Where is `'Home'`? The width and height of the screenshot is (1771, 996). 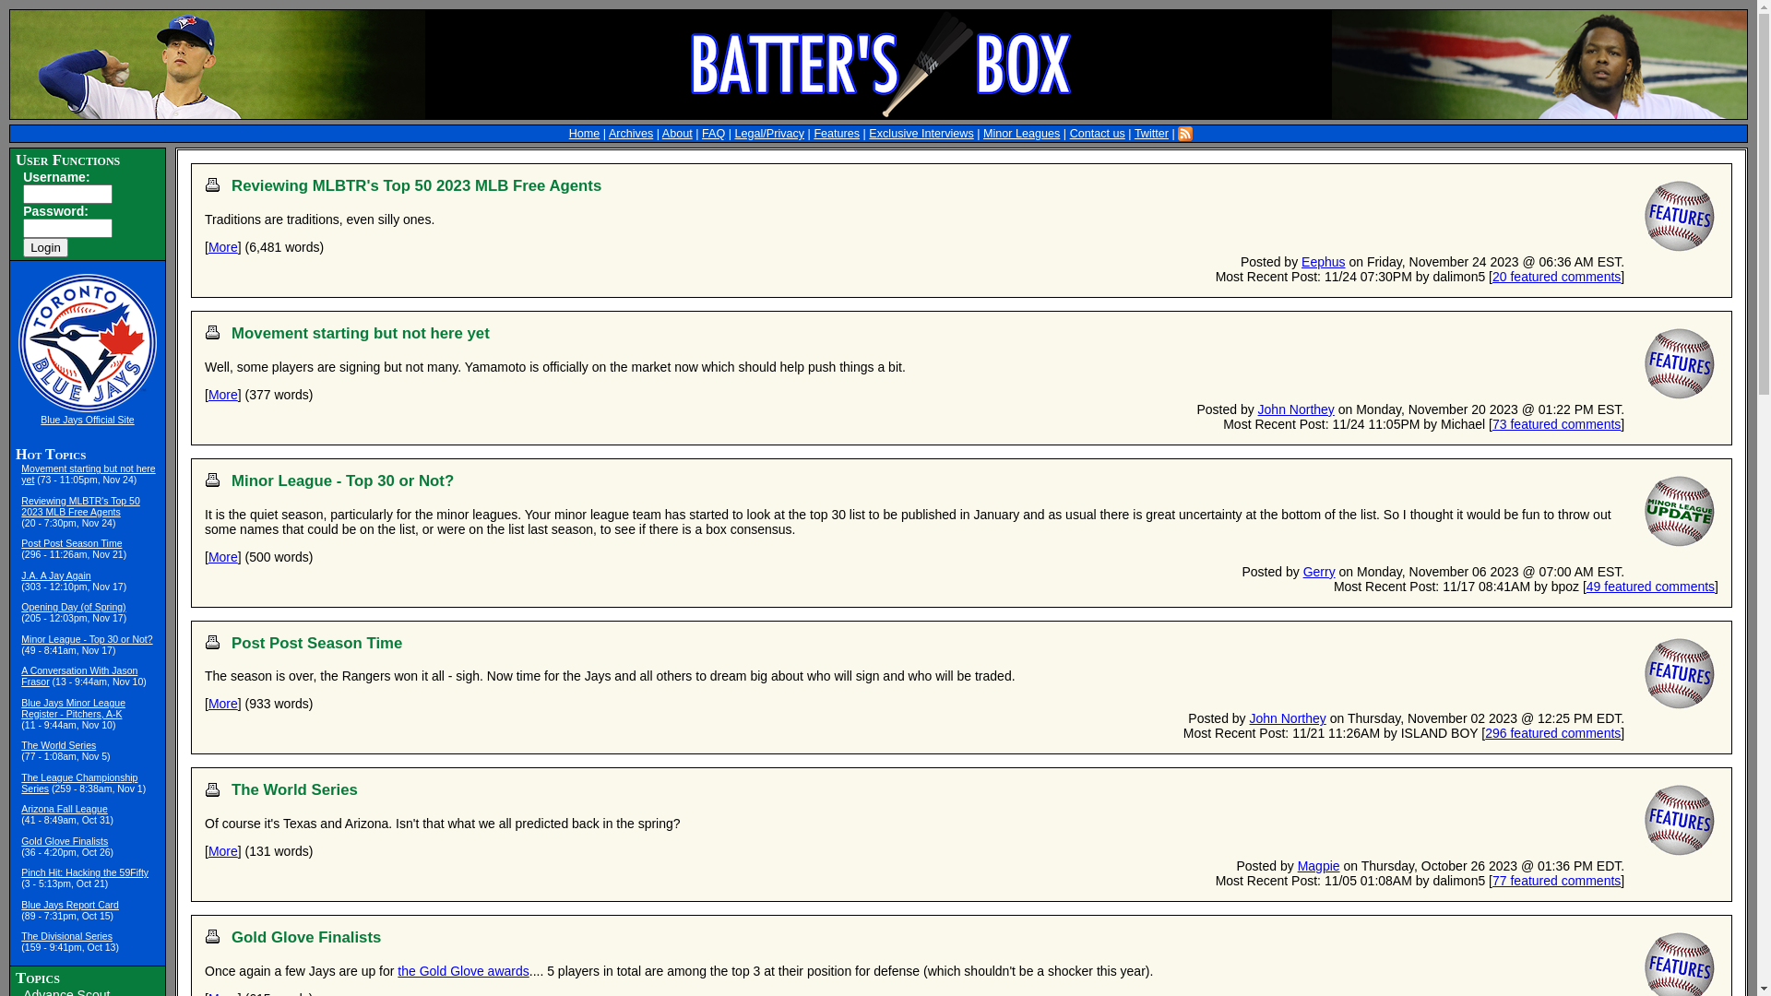 'Home' is located at coordinates (583, 133).